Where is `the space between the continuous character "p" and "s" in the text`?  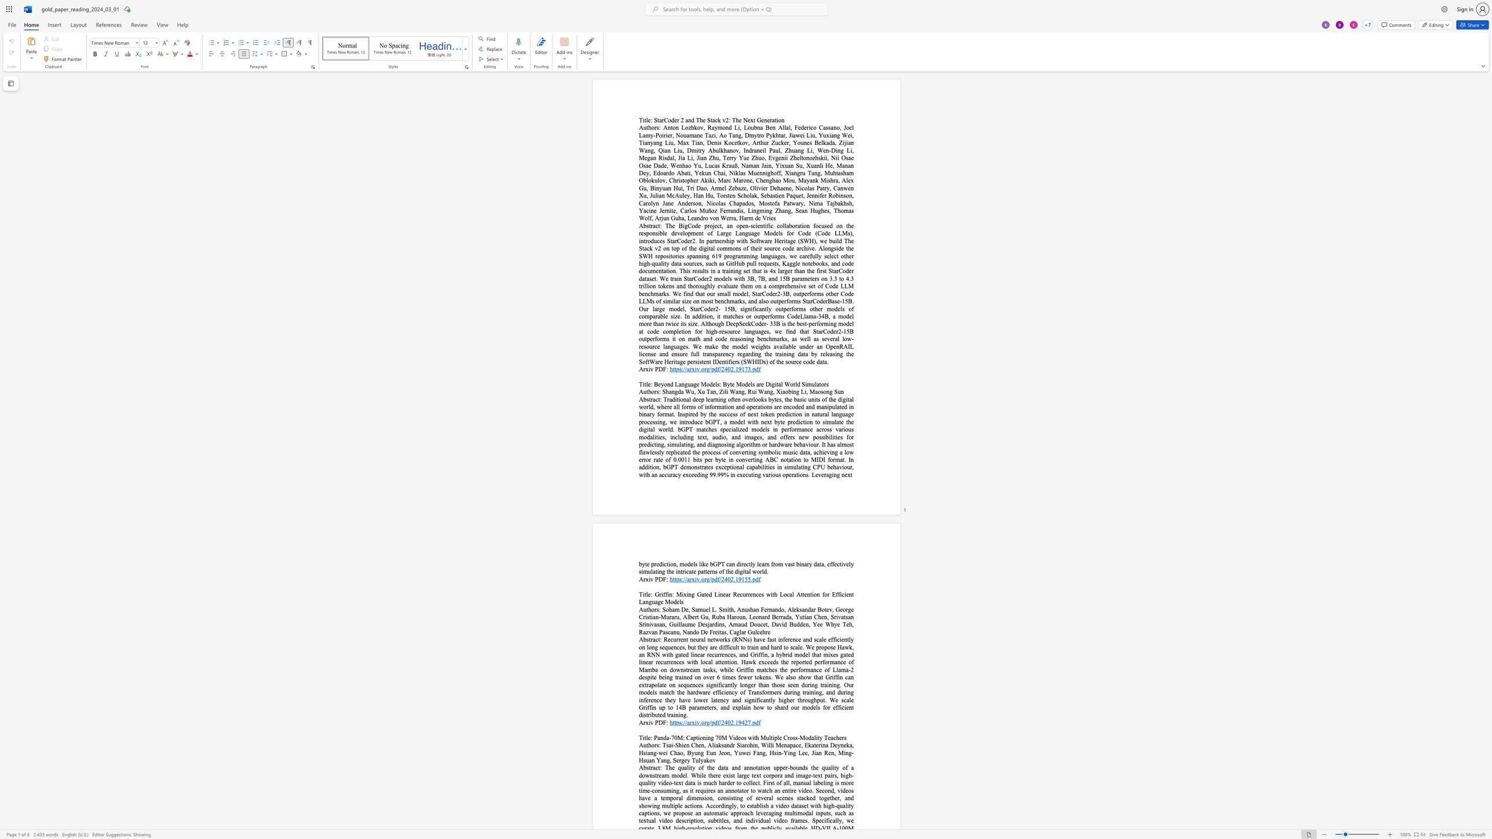 the space between the continuous character "p" and "s" in the text is located at coordinates (678, 723).